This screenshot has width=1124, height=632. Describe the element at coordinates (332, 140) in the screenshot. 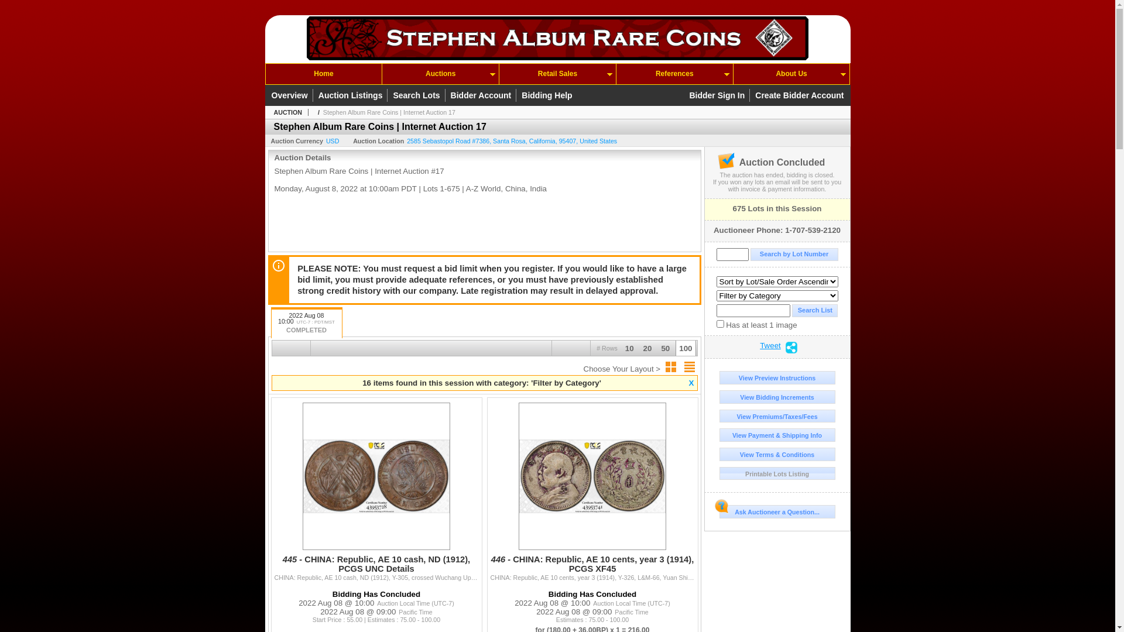

I see `'USD'` at that location.